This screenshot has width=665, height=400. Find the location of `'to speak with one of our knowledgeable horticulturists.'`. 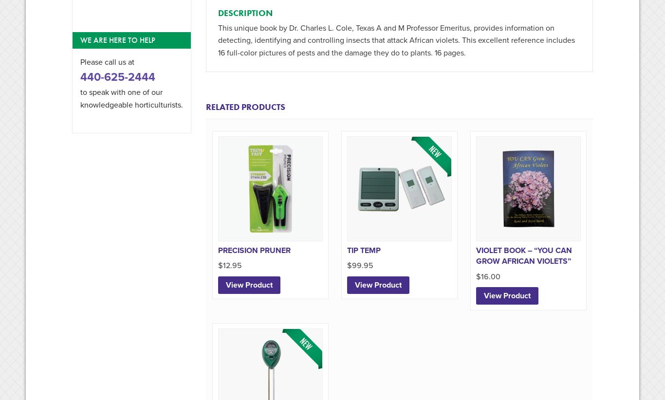

'to speak with one of our knowledgeable horticulturists.' is located at coordinates (131, 98).